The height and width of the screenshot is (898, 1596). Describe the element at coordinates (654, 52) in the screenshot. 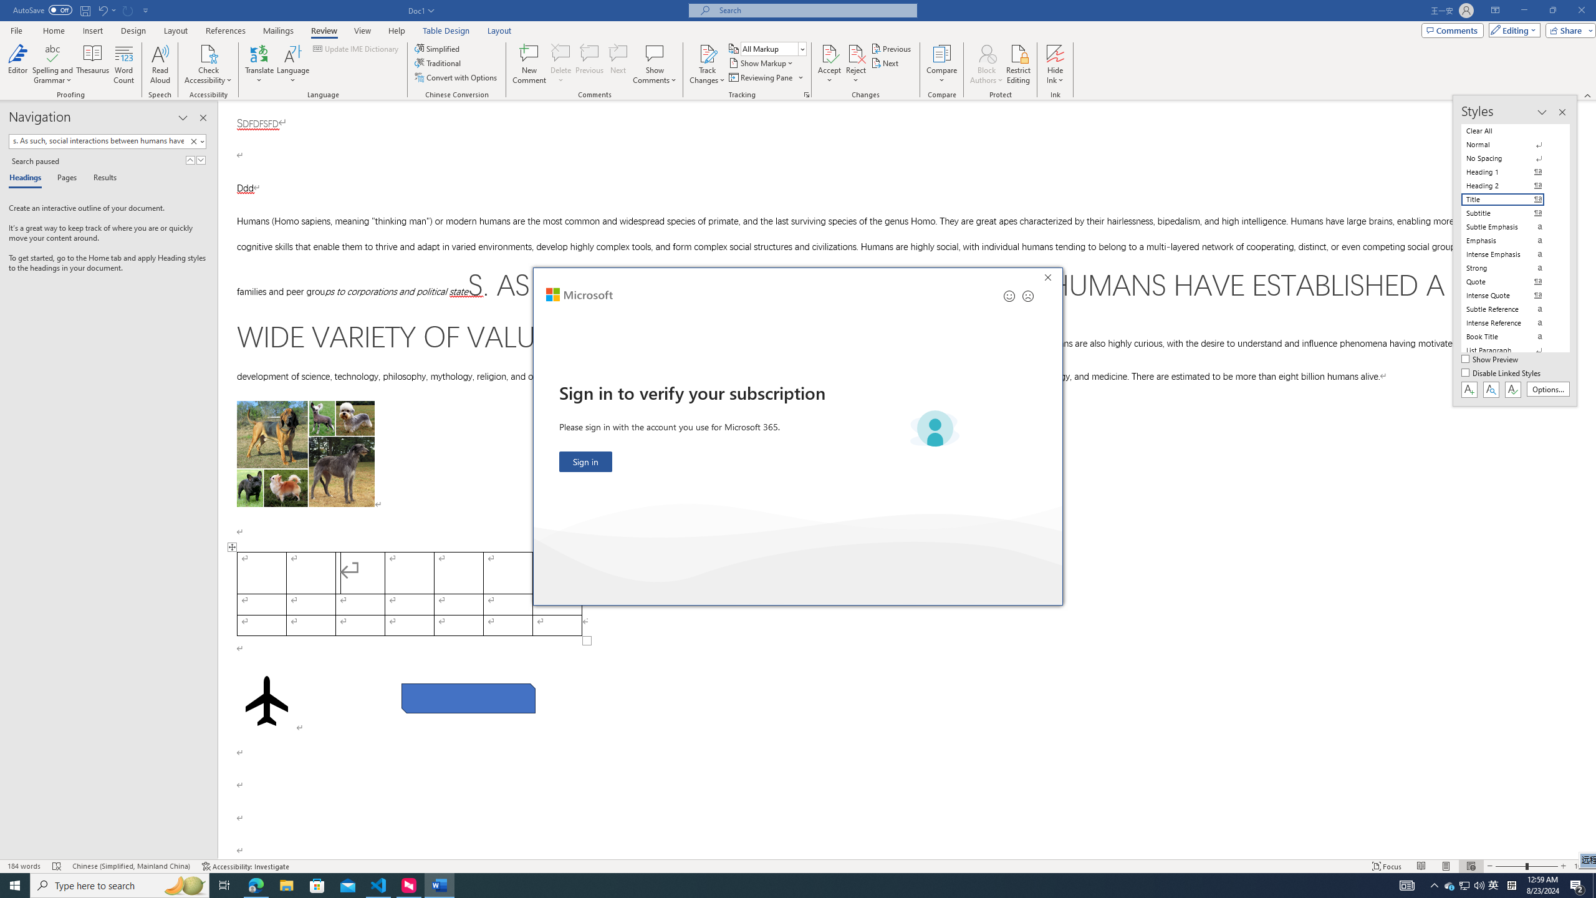

I see `'Show Comments'` at that location.